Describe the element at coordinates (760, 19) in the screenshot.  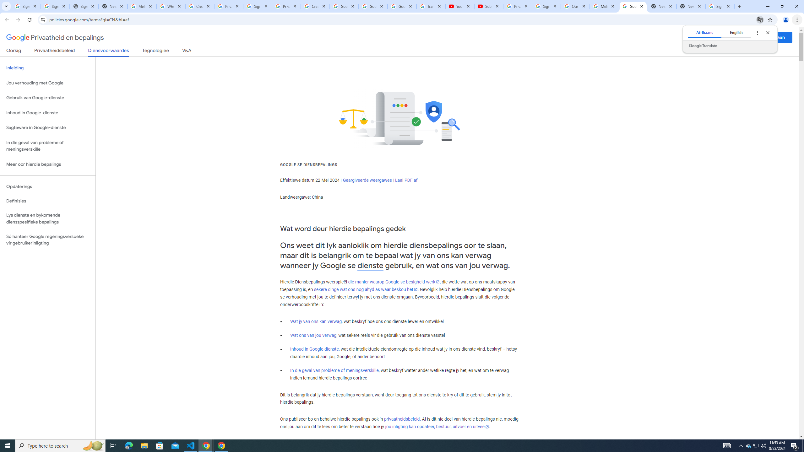
I see `'Translate this page'` at that location.